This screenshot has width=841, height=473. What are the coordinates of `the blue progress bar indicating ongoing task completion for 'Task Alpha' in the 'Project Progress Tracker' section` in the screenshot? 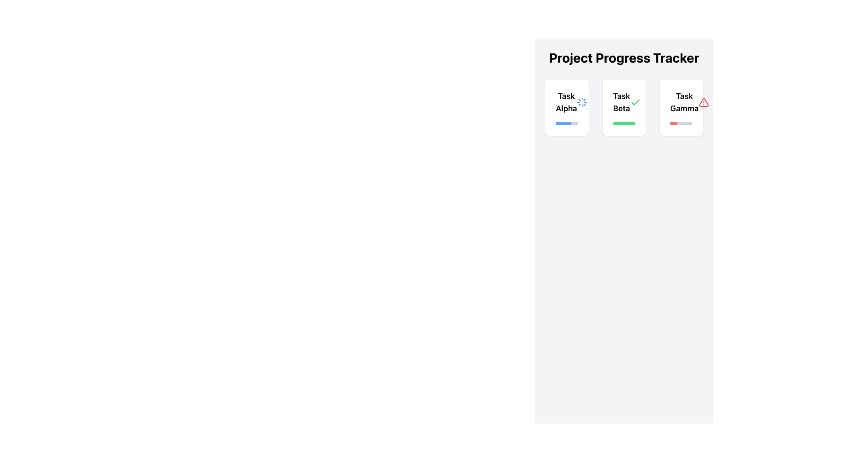 It's located at (563, 123).